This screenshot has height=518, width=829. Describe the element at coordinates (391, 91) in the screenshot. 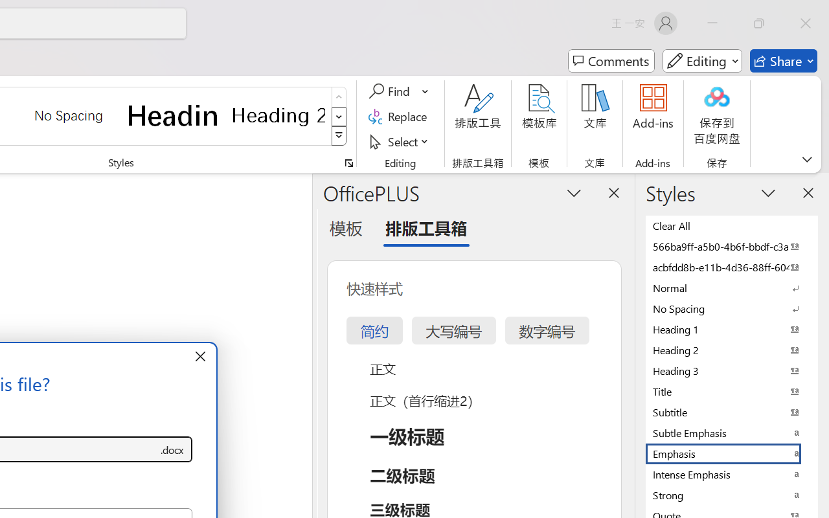

I see `'Find'` at that location.